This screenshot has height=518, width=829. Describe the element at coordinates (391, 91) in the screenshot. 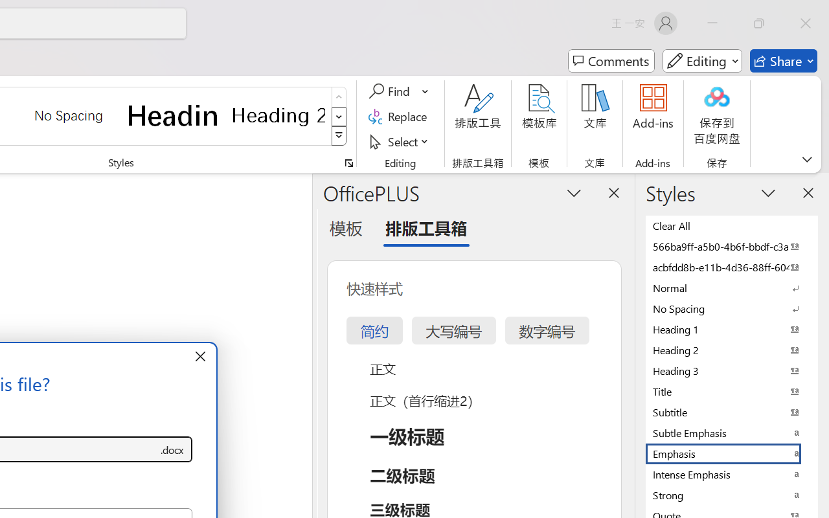

I see `'Find'` at that location.